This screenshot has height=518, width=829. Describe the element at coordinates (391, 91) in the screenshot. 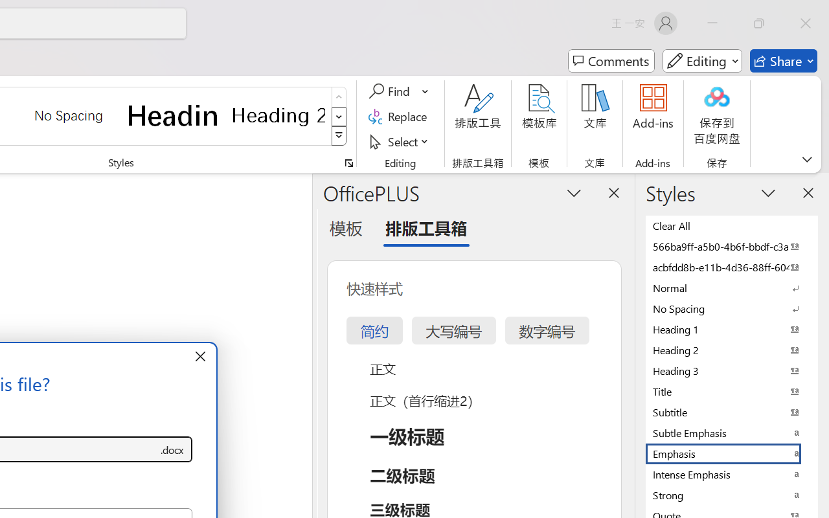

I see `'Find'` at that location.